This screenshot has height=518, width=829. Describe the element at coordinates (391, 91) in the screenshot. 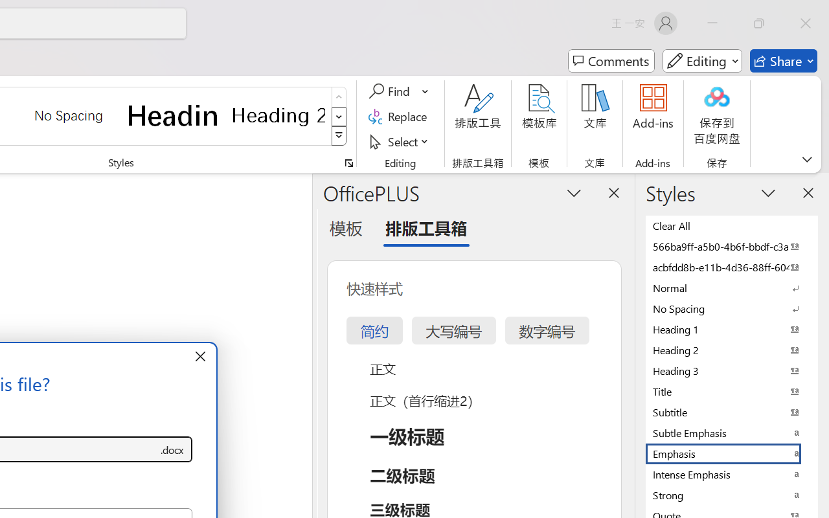

I see `'Find'` at that location.